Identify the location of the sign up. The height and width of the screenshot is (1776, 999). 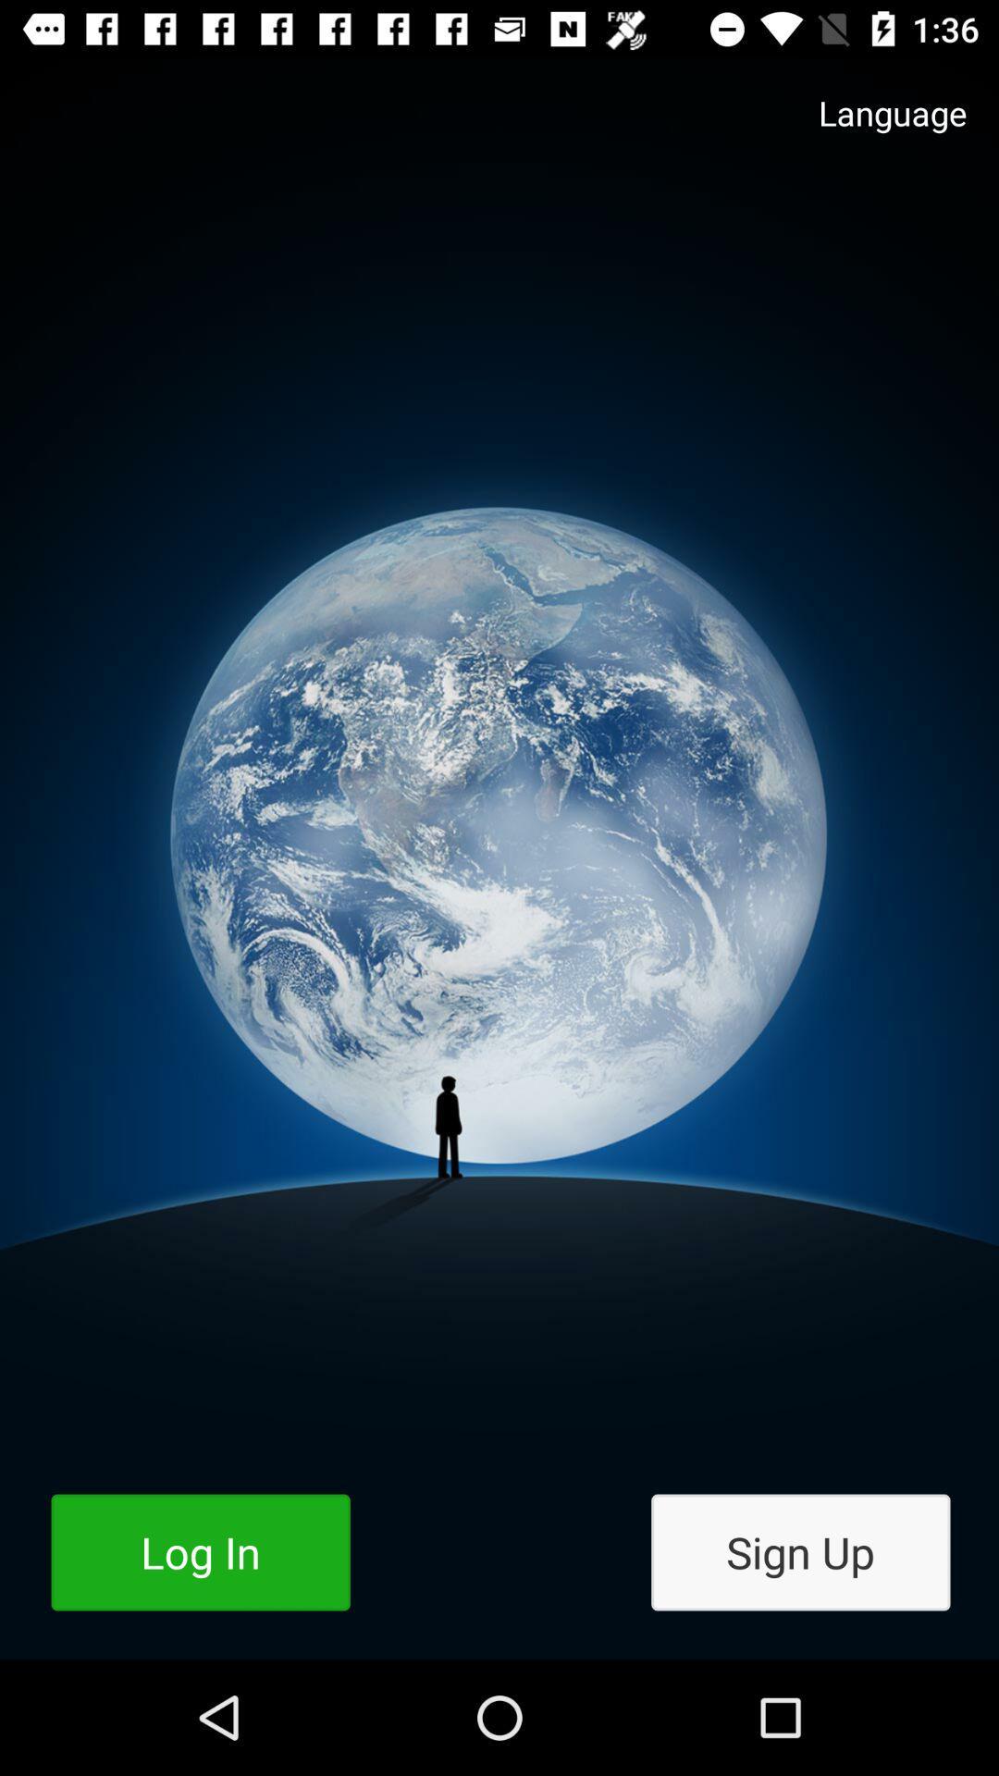
(799, 1552).